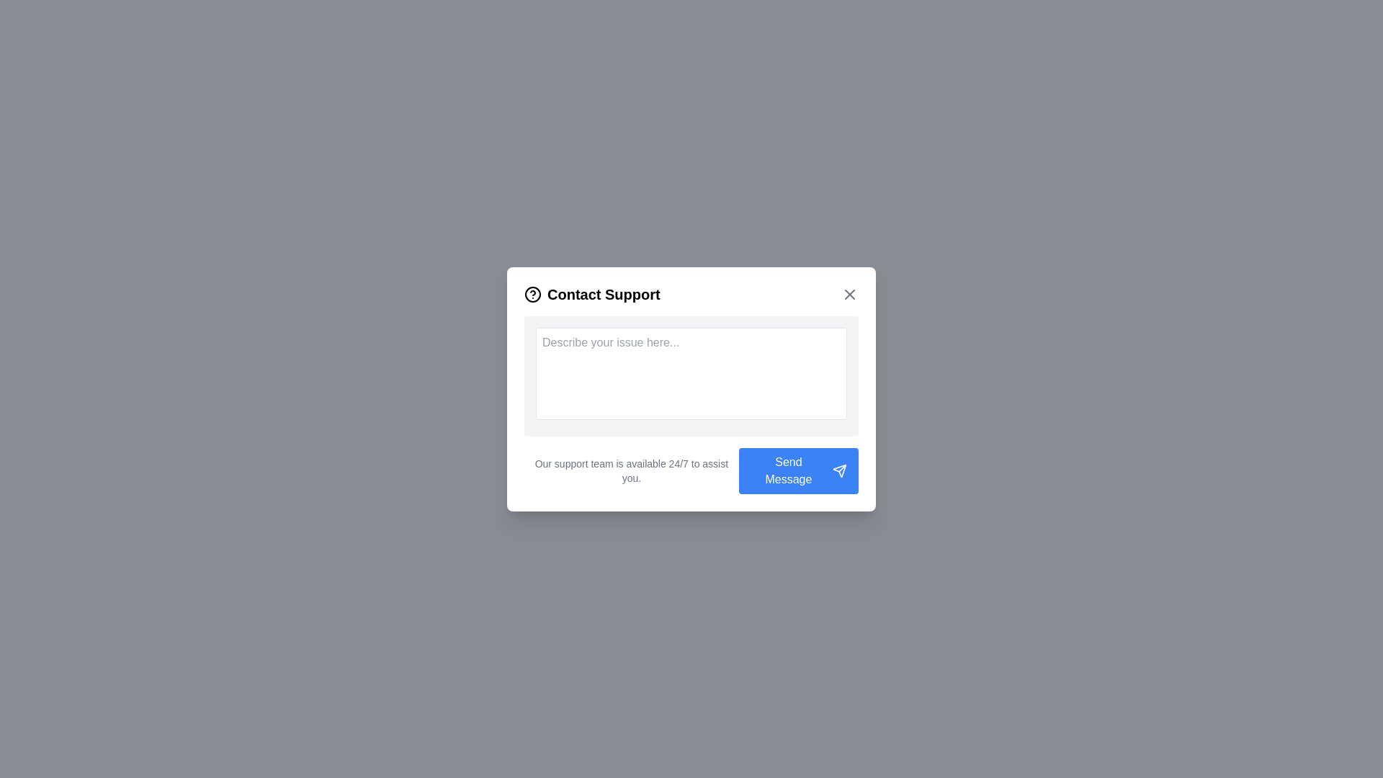 The image size is (1383, 778). Describe the element at coordinates (592, 293) in the screenshot. I see `the Text Label with Icon that serves as the title for the support contact modal, located at the top-left corner of the modal window` at that location.